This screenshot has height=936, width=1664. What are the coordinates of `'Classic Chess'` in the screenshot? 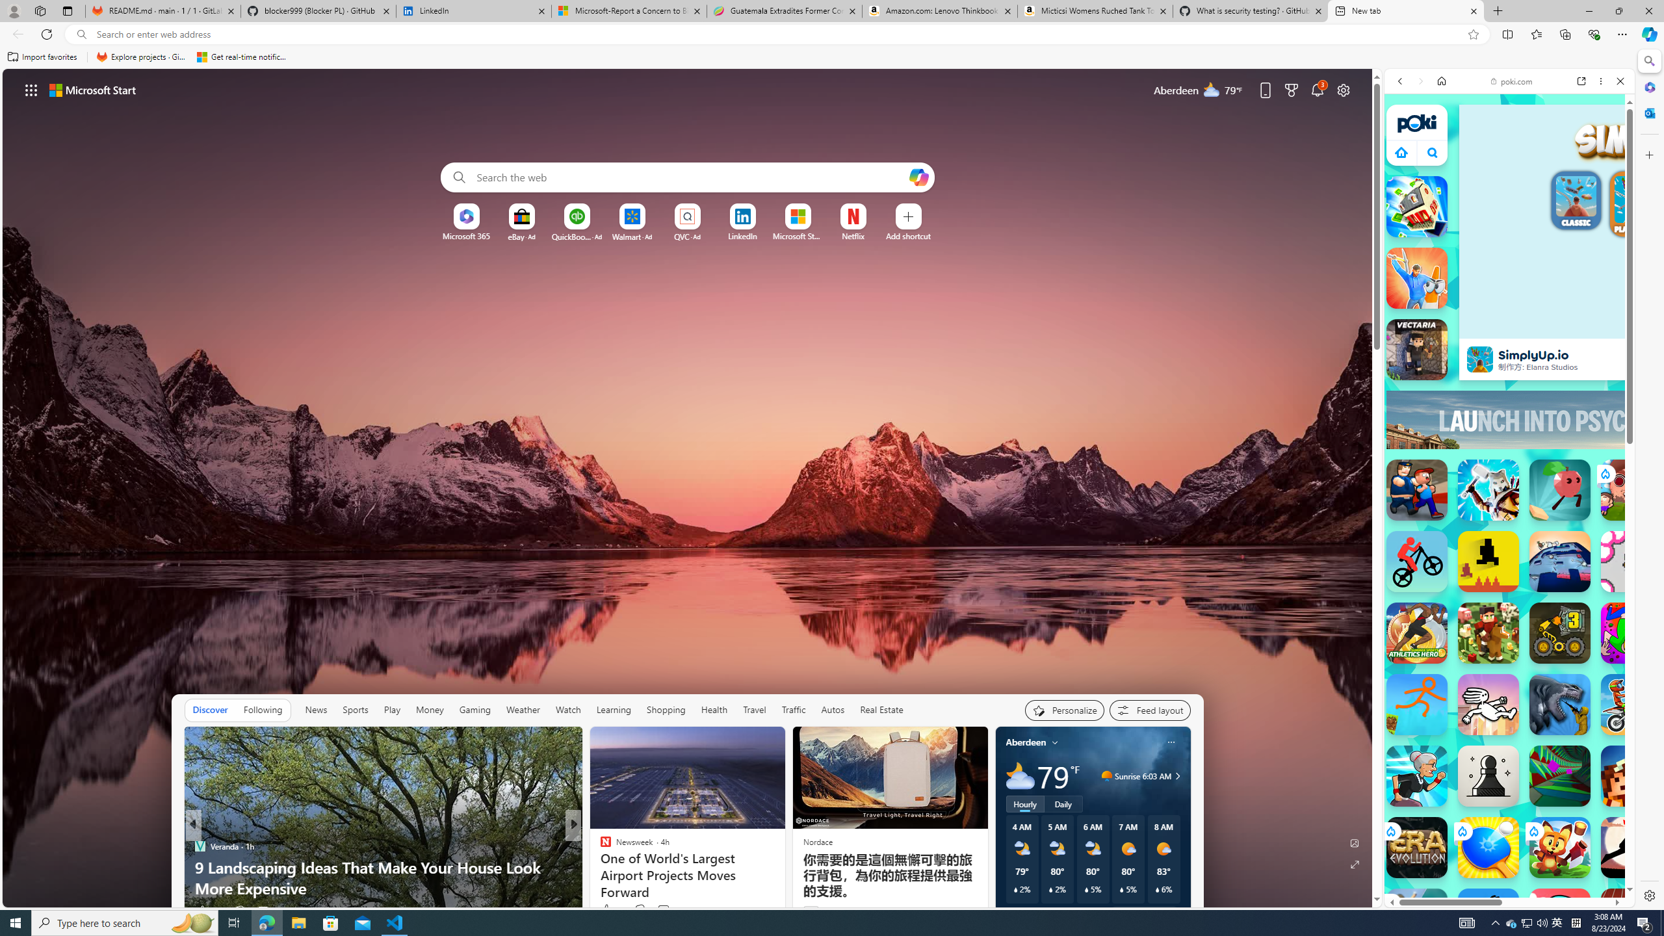 It's located at (1487, 776).